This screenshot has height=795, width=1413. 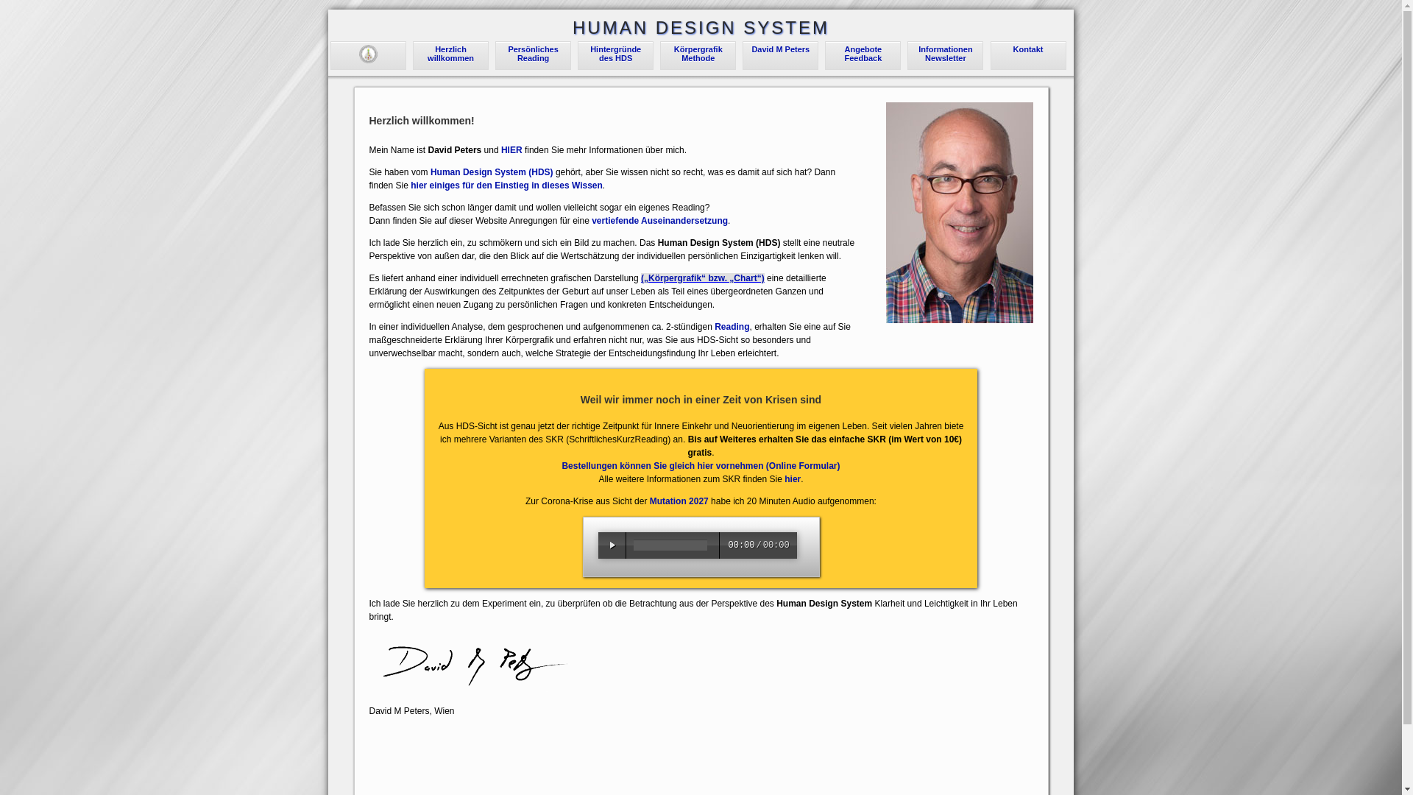 I want to click on 'Herzlich, so click(x=450, y=53).